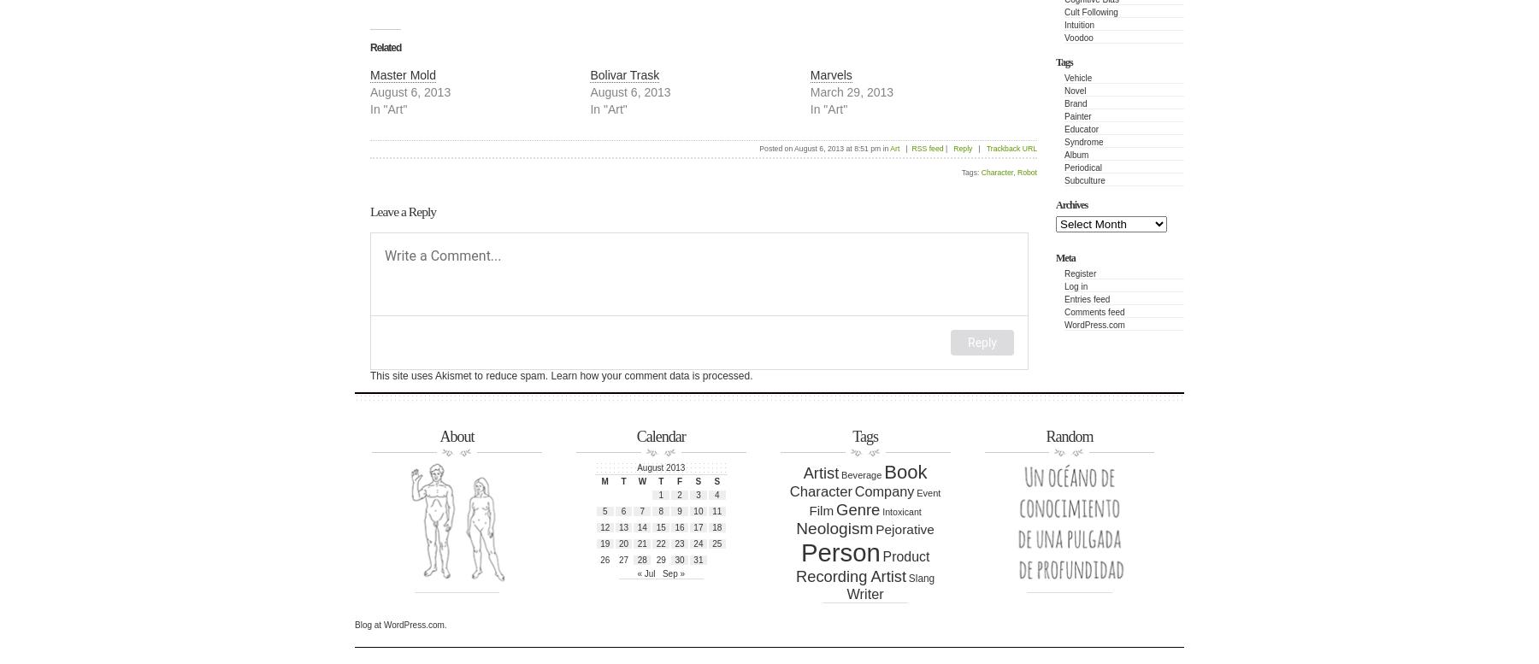  Describe the element at coordinates (604, 510) in the screenshot. I see `'5'` at that location.